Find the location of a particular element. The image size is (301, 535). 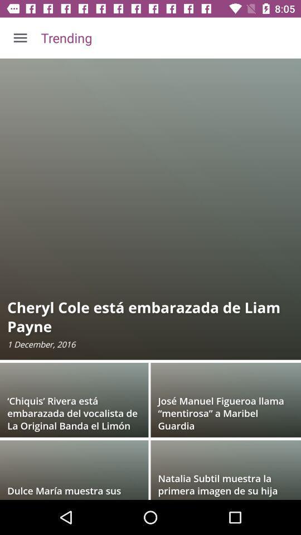

webpage view is located at coordinates (151, 279).